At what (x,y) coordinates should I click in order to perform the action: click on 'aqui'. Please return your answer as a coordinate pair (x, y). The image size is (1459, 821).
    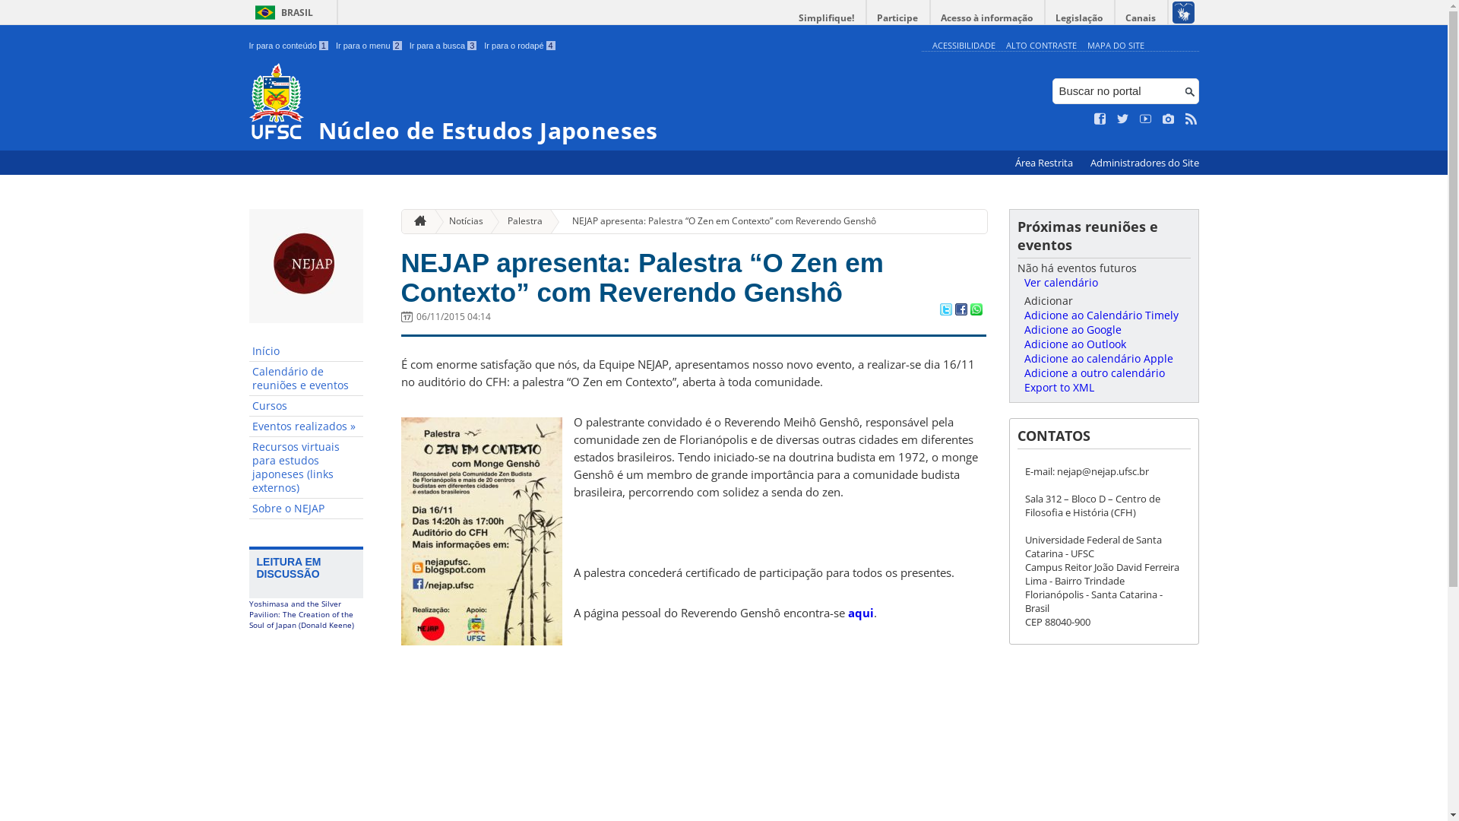
    Looking at the image, I should click on (860, 612).